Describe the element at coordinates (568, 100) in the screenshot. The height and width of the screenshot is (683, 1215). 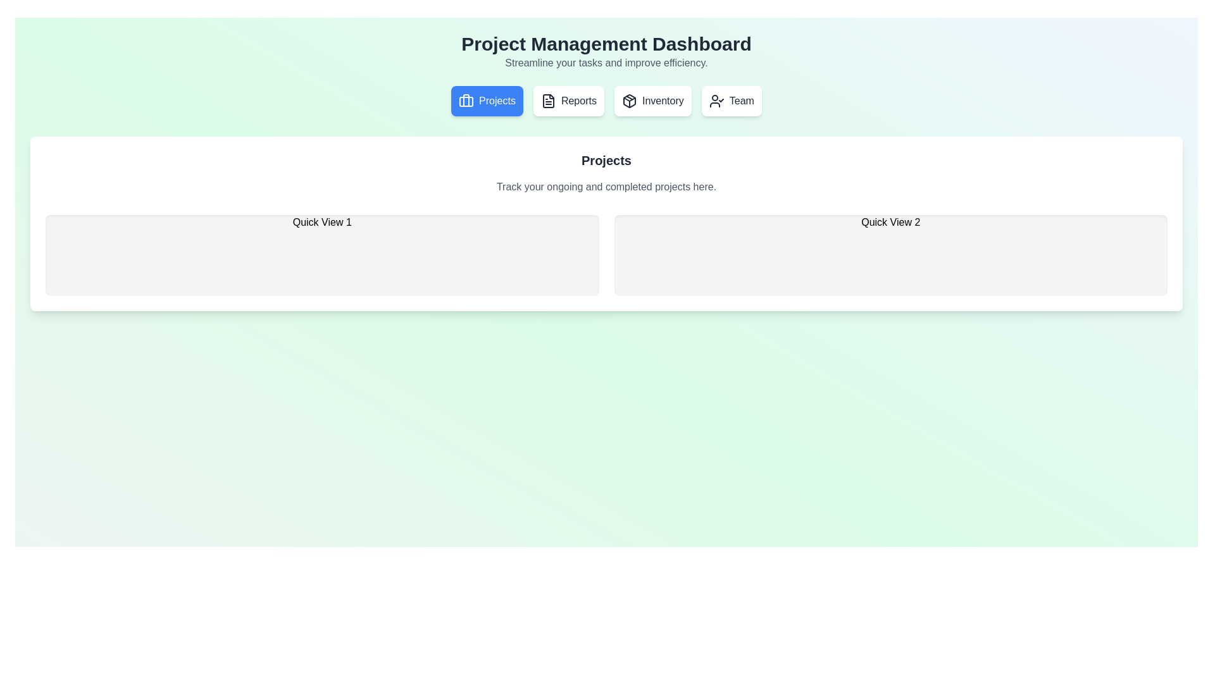
I see `the 'Reports' button, which is a rectangular button with a white background and a document icon, positioned between the 'Projects' and 'Inventory' buttons` at that location.